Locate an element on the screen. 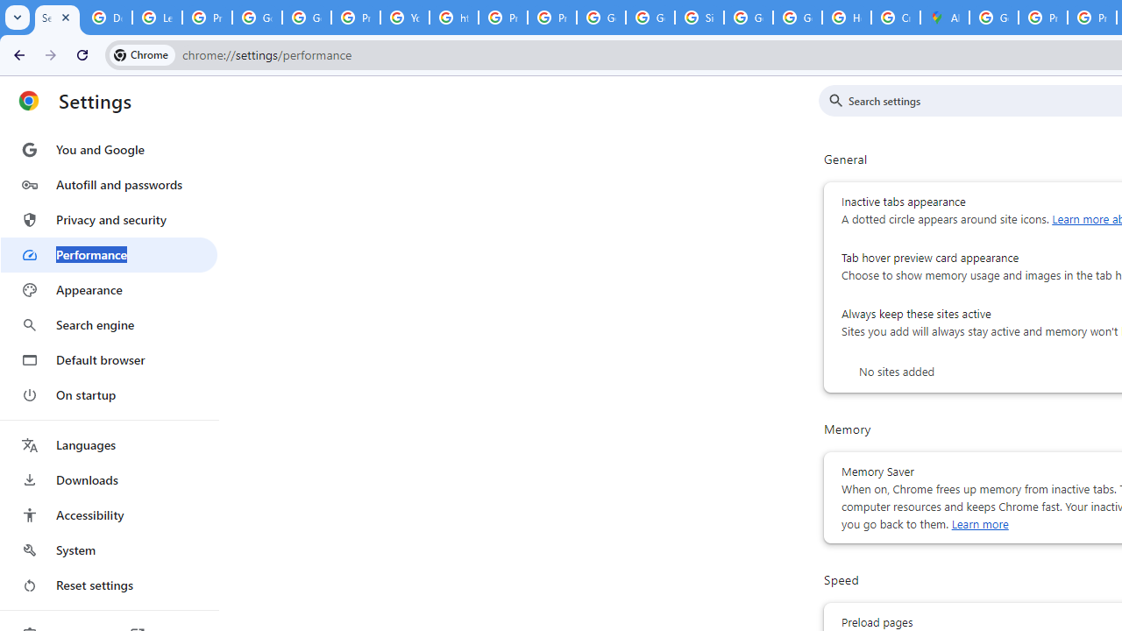  'On startup' is located at coordinates (108, 395).